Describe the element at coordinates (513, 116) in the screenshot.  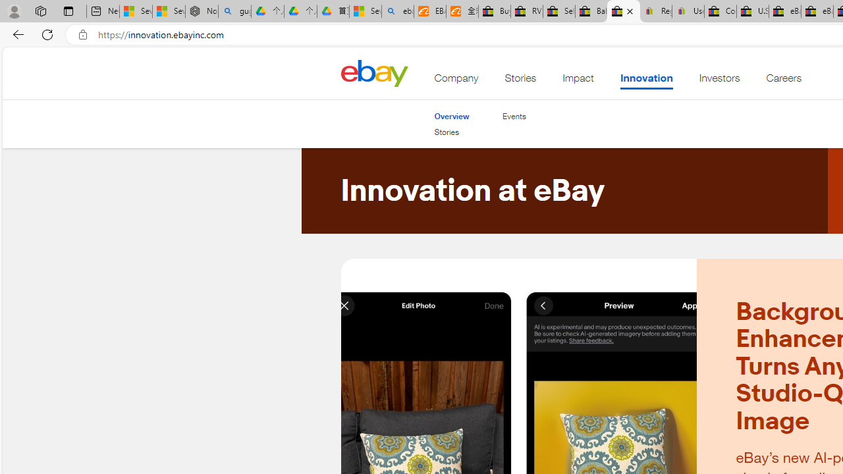
I see `'Events'` at that location.